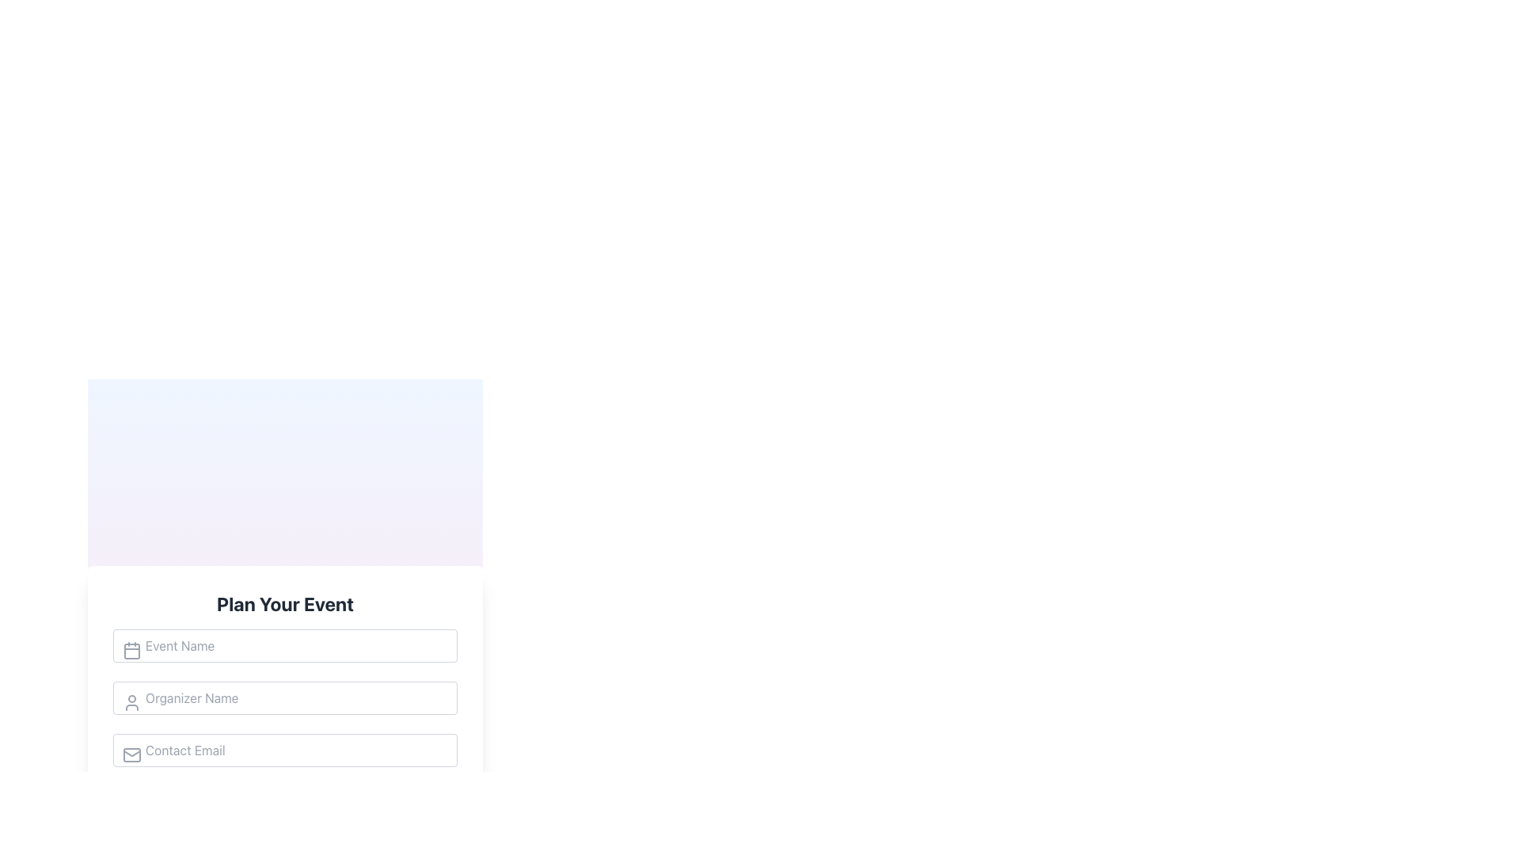 The image size is (1520, 855). Describe the element at coordinates (132, 651) in the screenshot. I see `the small square icon with rounded corners representing a calendar, located to the left of the 'Event Name' input field in the 'Plan Your Event' form` at that location.